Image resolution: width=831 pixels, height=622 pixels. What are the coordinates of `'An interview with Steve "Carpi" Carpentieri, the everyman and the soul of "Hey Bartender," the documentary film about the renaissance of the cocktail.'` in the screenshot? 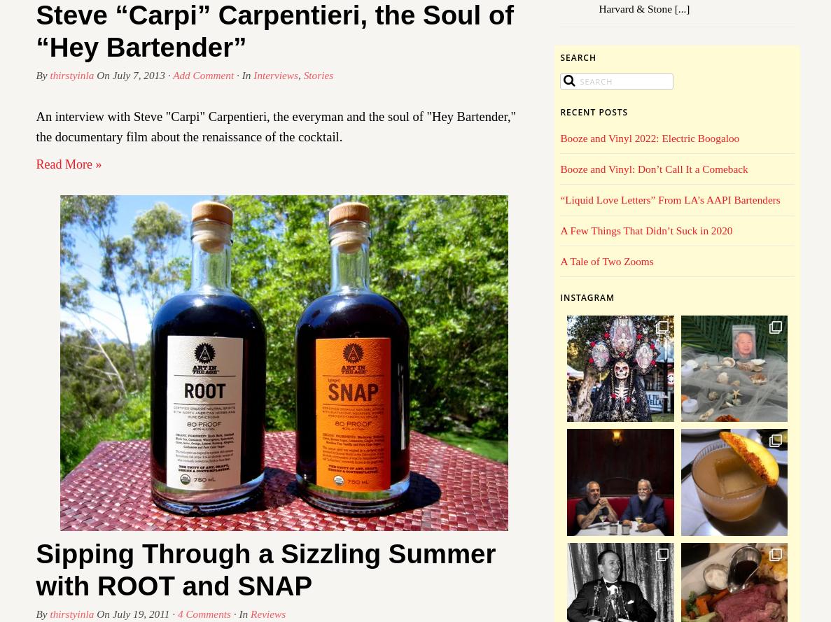 It's located at (275, 126).